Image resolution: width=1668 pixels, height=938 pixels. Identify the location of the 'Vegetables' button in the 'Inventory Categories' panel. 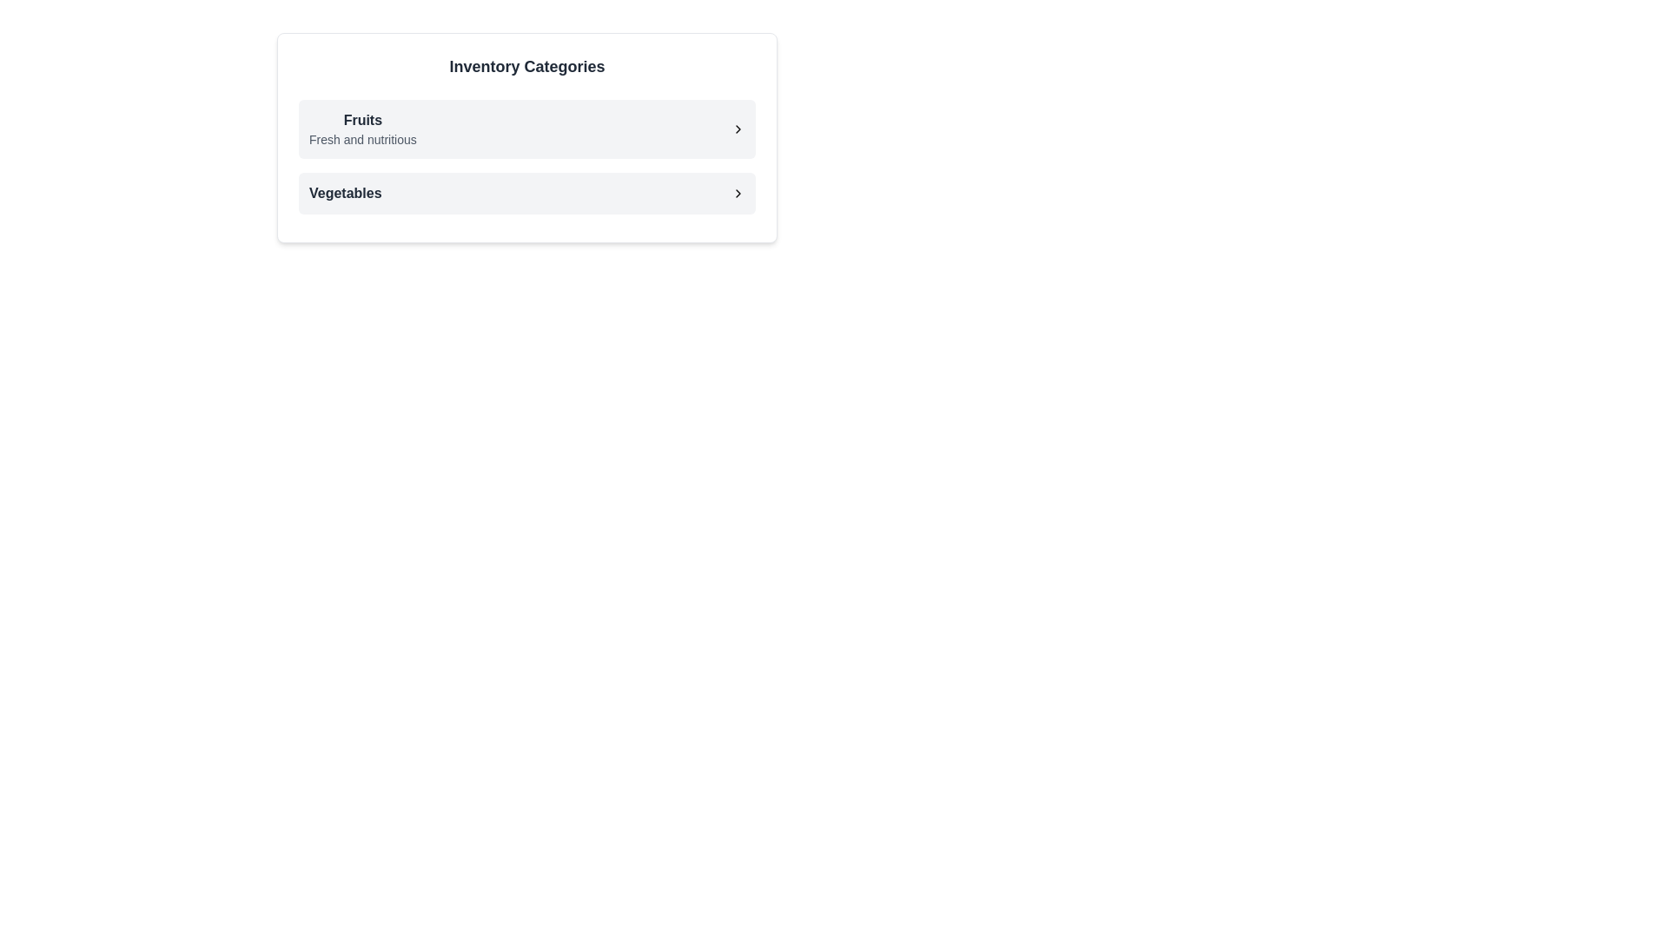
(526, 194).